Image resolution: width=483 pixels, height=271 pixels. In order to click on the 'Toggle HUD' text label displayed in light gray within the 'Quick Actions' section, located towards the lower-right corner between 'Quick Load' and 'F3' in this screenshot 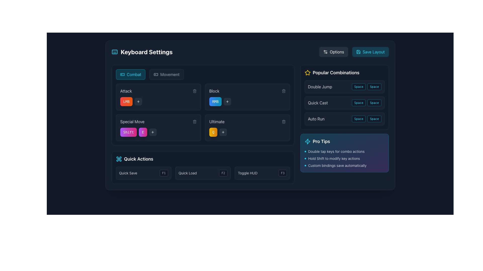, I will do `click(248, 173)`.